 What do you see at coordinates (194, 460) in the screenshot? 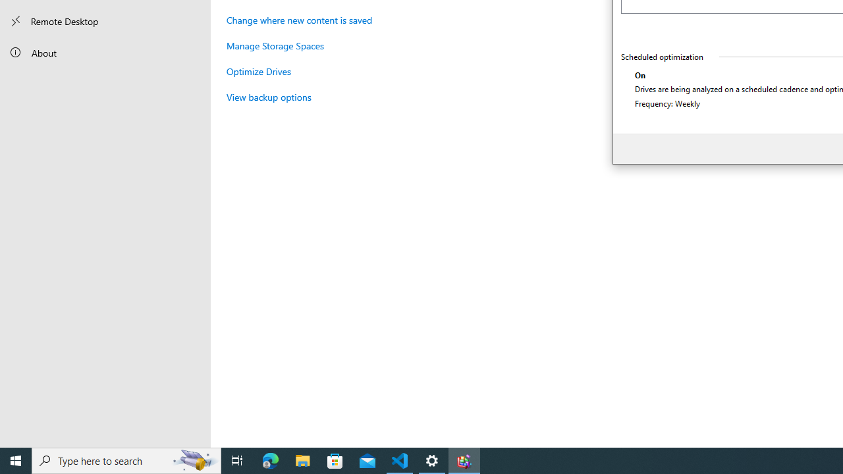
I see `'Search highlights icon opens search home window'` at bounding box center [194, 460].